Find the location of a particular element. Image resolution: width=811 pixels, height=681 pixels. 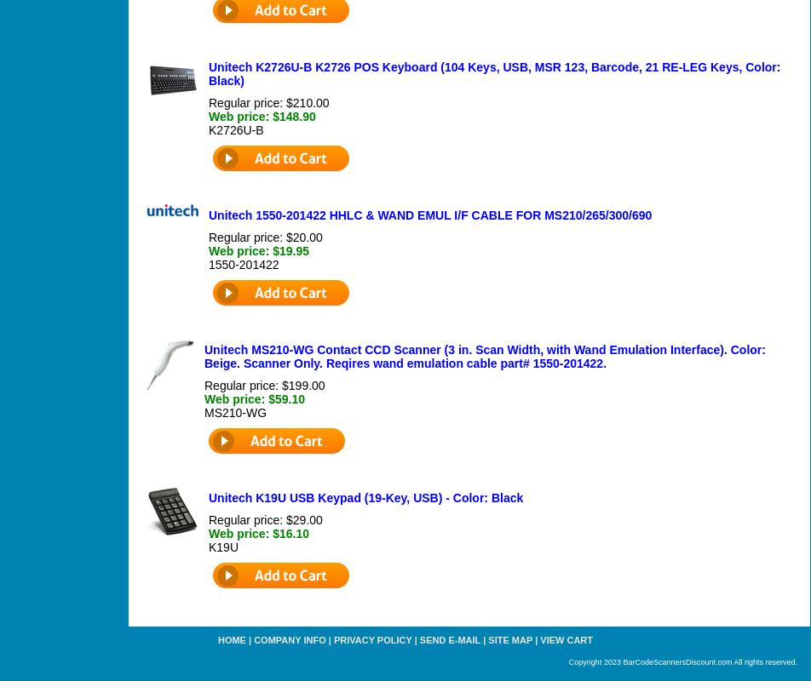

'View Cart' is located at coordinates (566, 638).